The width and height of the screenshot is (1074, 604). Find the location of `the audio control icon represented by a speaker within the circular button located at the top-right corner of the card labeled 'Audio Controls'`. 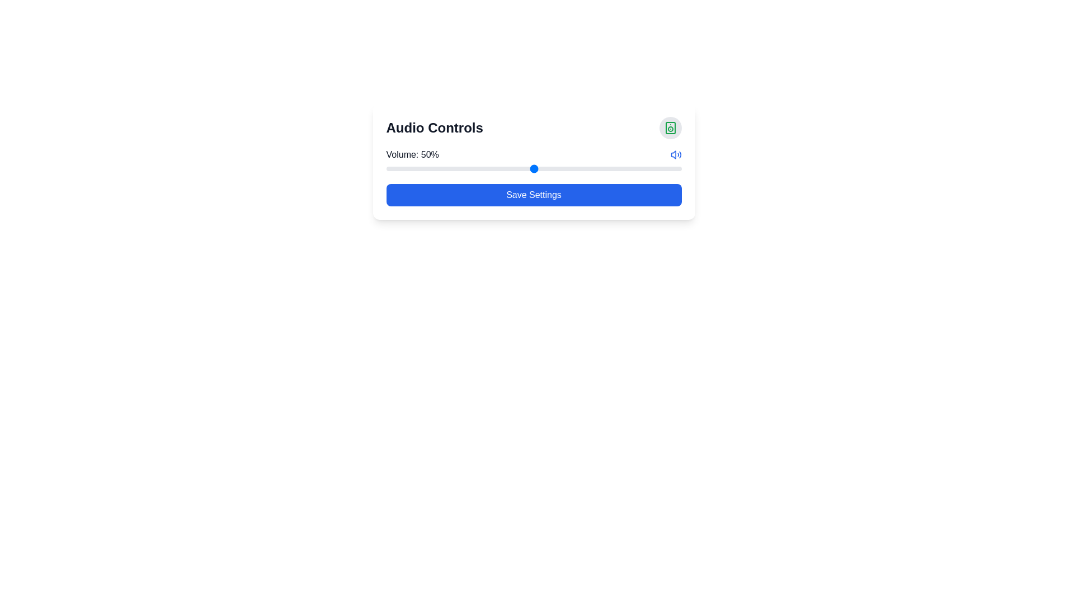

the audio control icon represented by a speaker within the circular button located at the top-right corner of the card labeled 'Audio Controls' is located at coordinates (670, 127).